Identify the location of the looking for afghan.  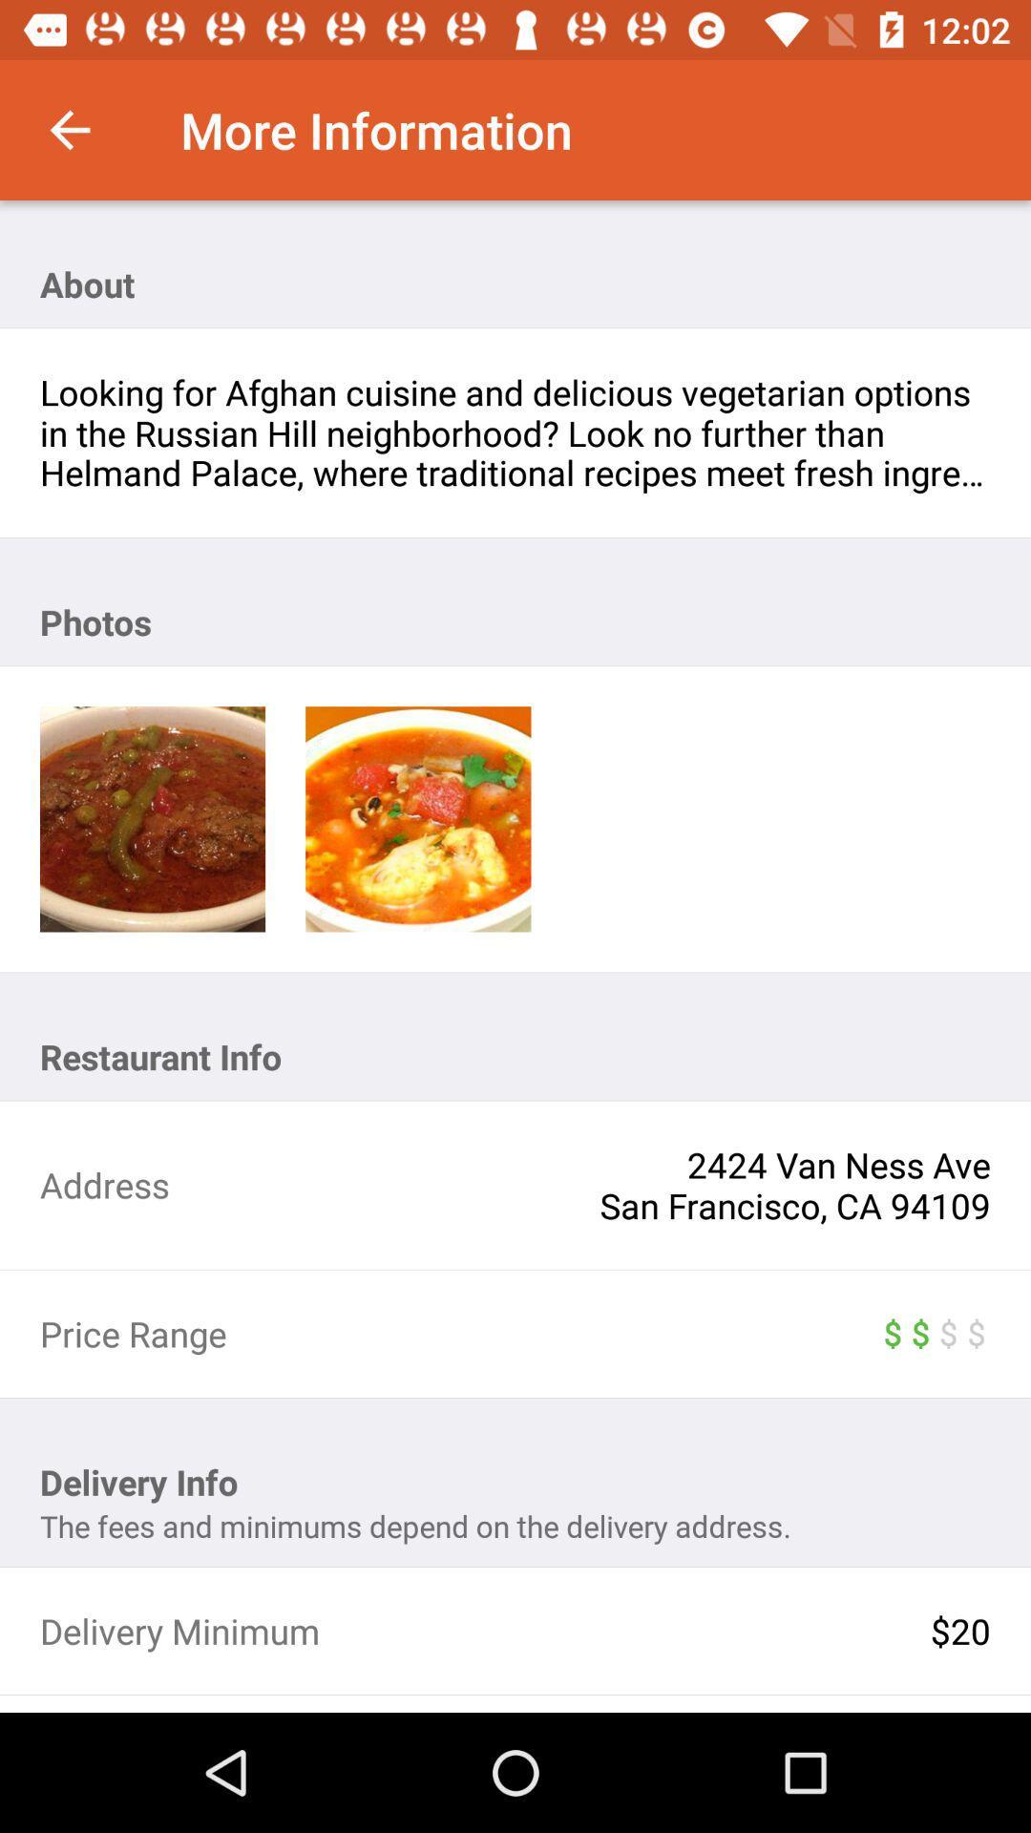
(515, 432).